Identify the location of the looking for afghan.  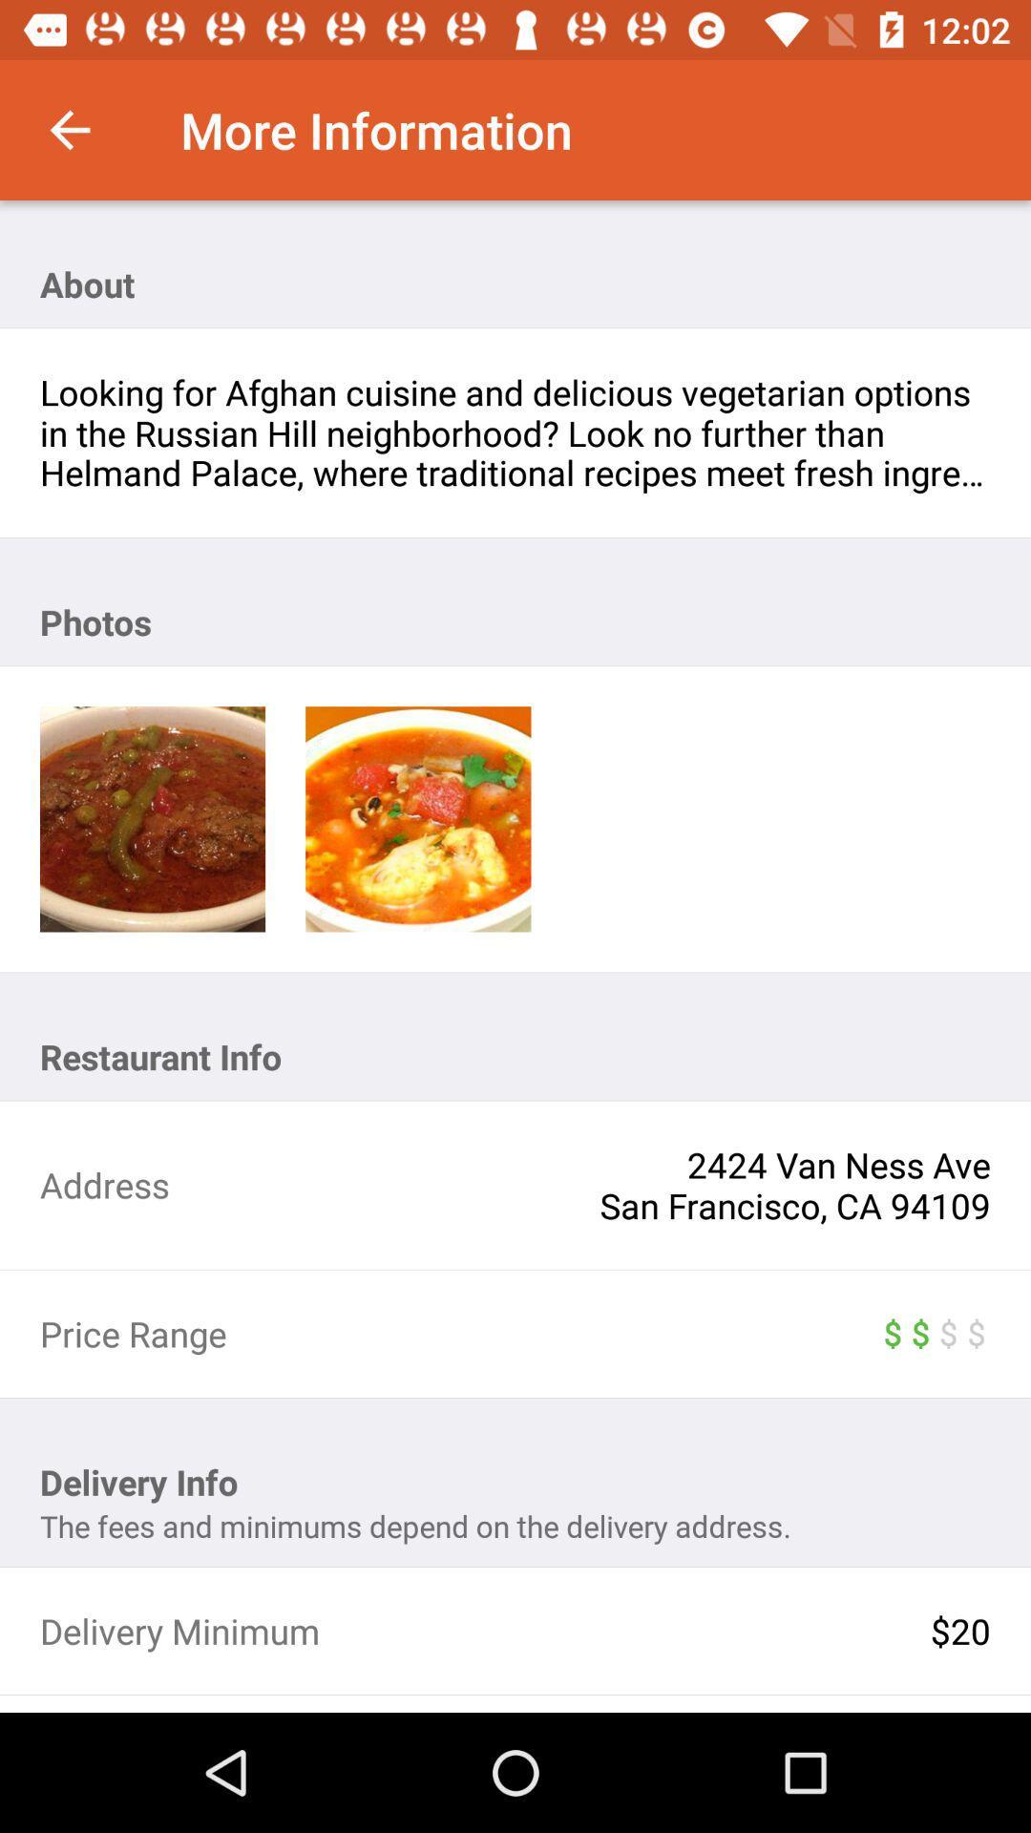
(515, 432).